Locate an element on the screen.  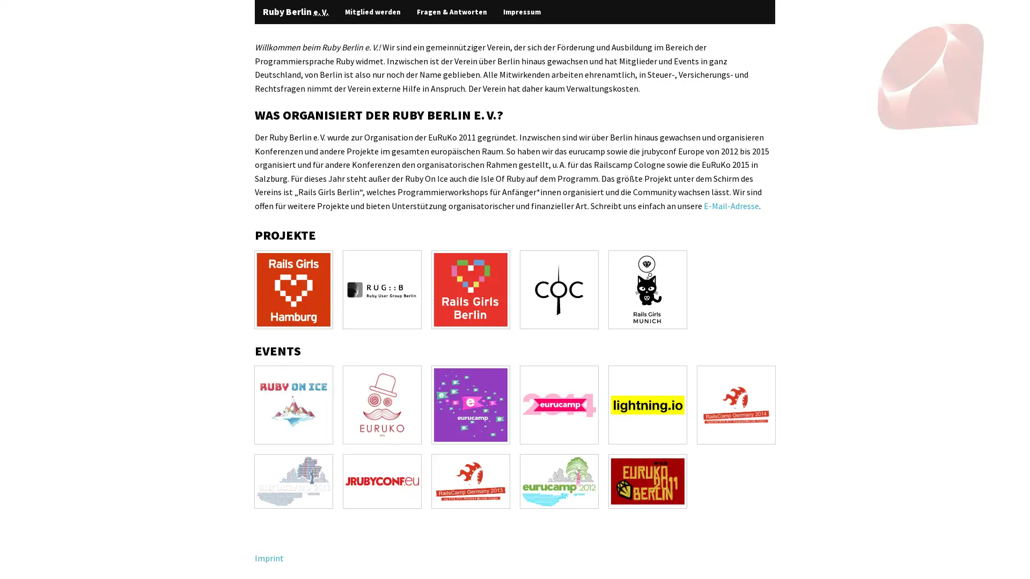
Berlin code of conduct is located at coordinates (558, 288).